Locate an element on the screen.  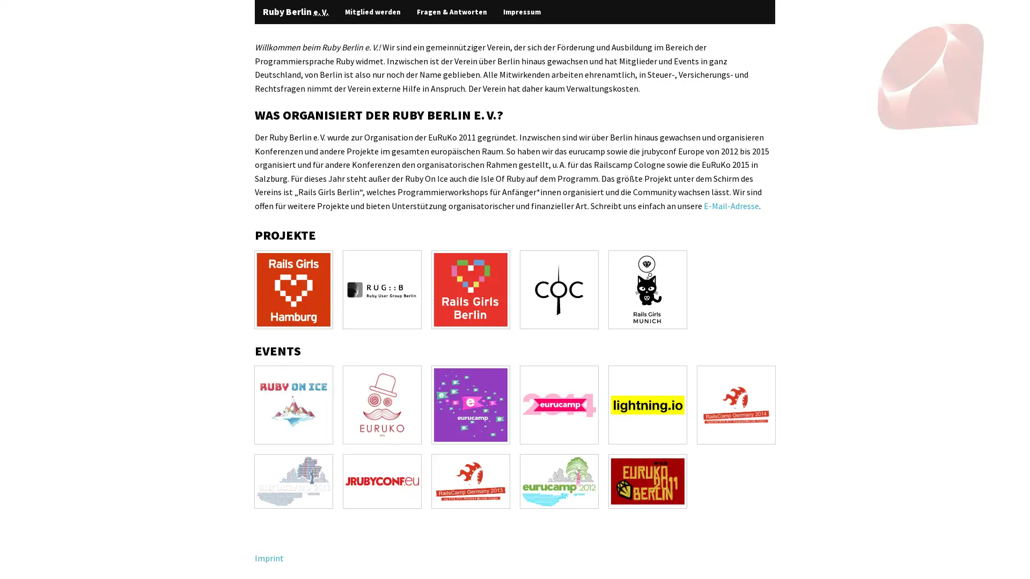
Berlin code of conduct is located at coordinates (558, 288).